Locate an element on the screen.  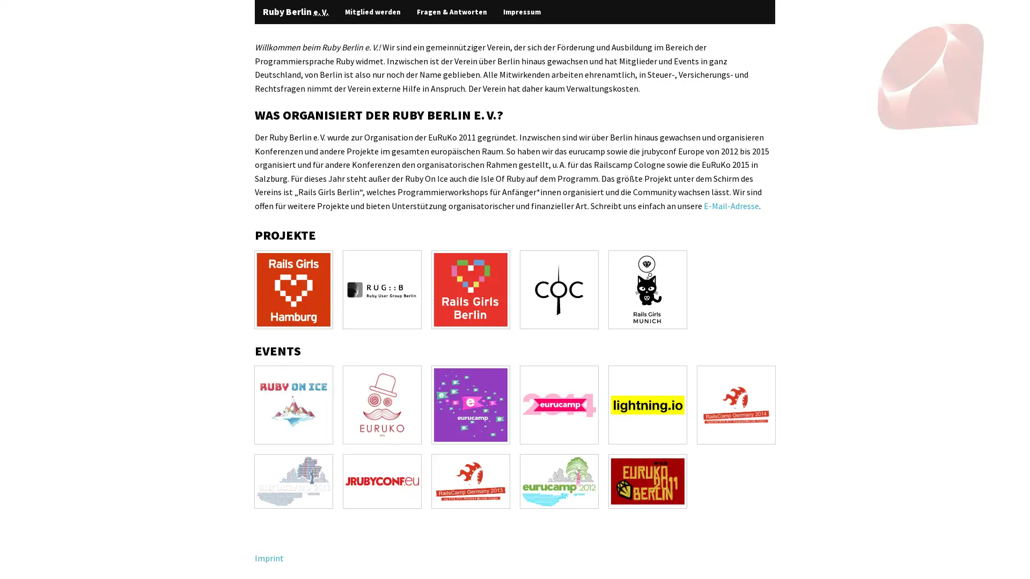
Berlin code of conduct is located at coordinates (558, 288).